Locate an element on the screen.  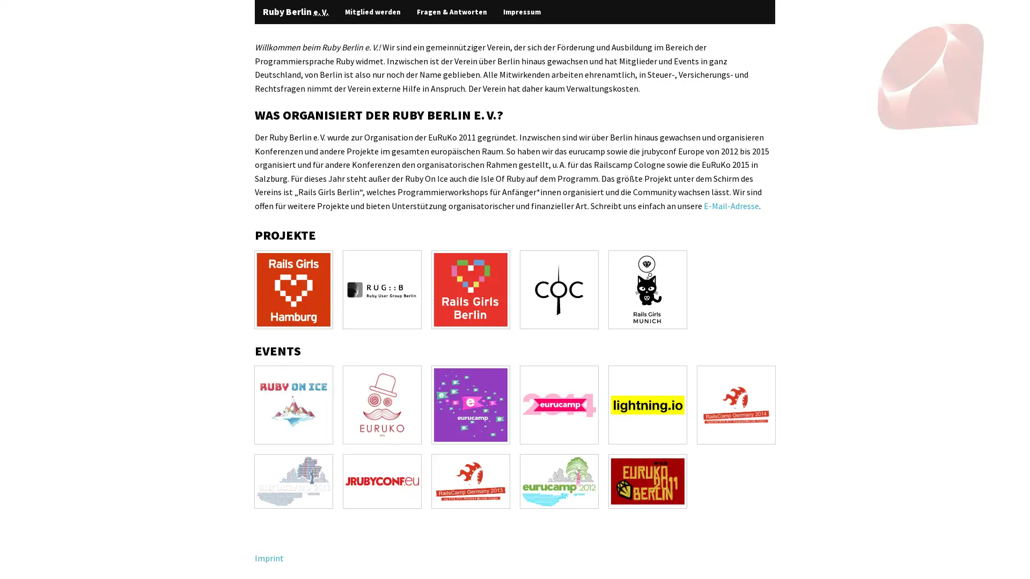
Berlin code of conduct is located at coordinates (558, 288).